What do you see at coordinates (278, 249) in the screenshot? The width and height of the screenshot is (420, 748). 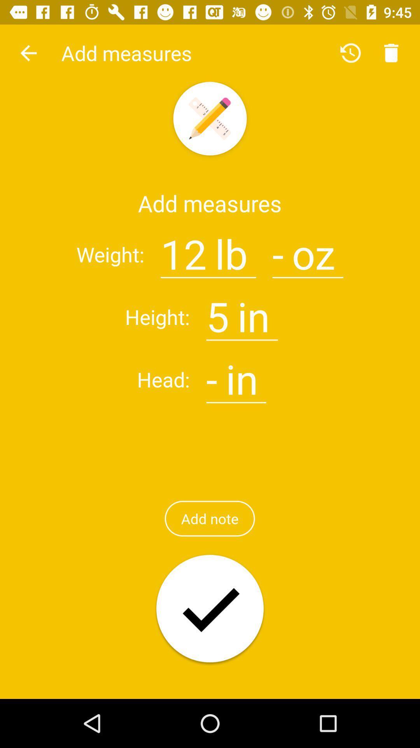 I see `item to the left of oz item` at bounding box center [278, 249].